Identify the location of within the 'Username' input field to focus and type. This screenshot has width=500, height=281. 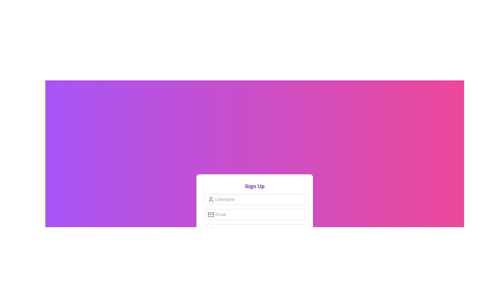
(255, 199).